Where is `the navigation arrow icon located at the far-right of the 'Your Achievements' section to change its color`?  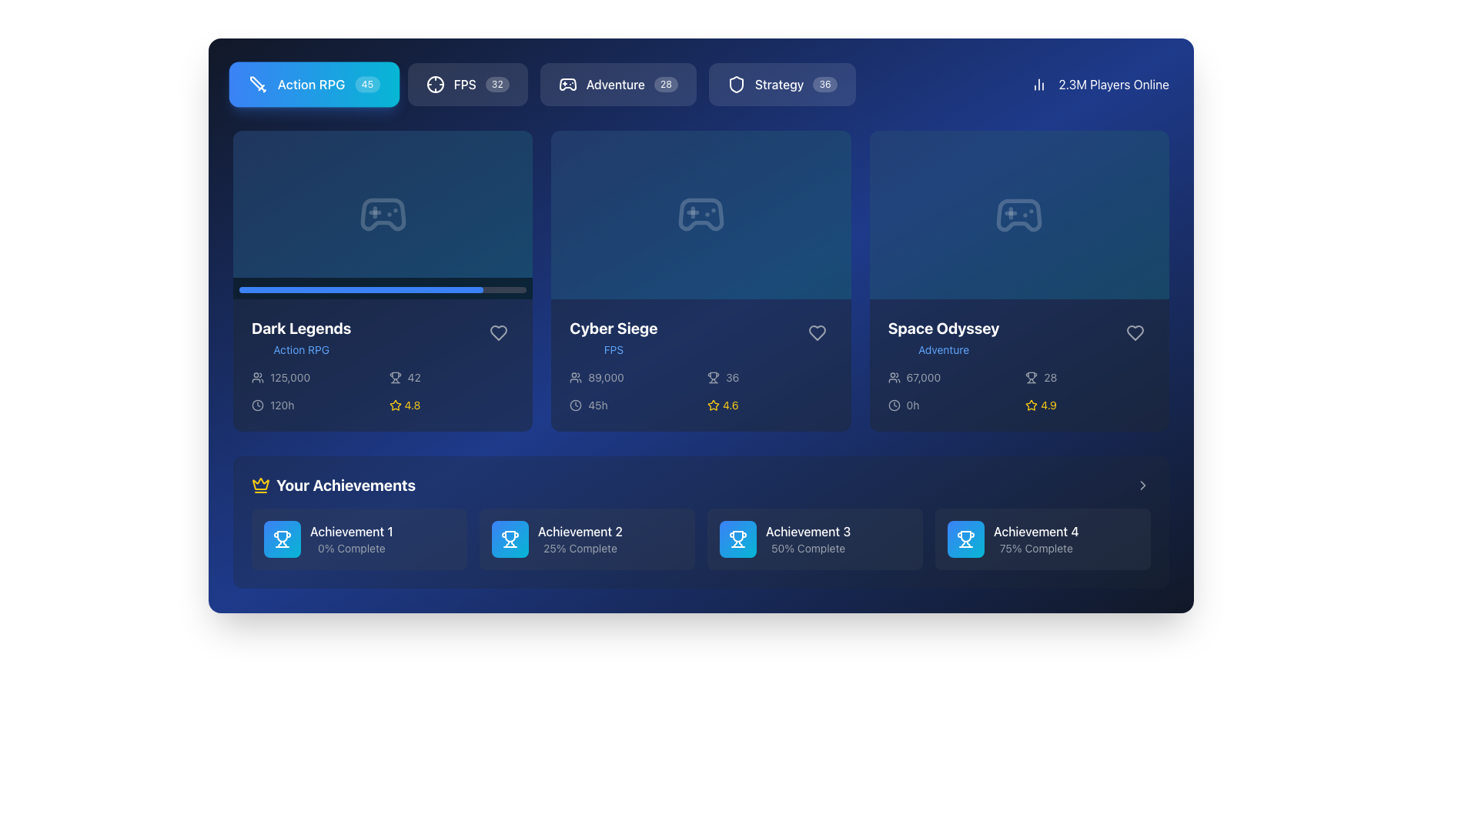 the navigation arrow icon located at the far-right of the 'Your Achievements' section to change its color is located at coordinates (1142, 486).